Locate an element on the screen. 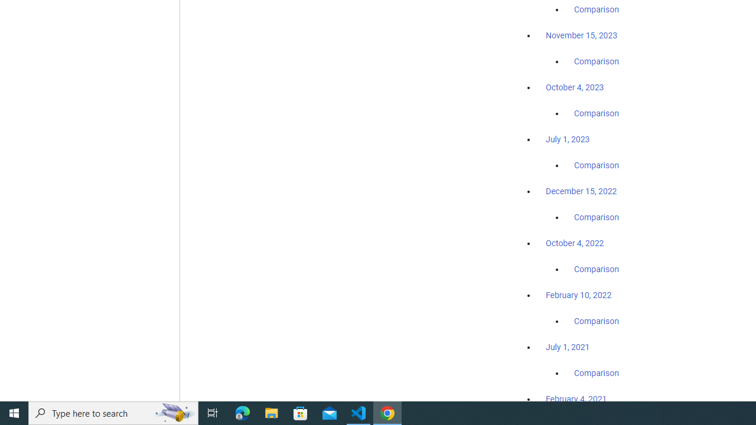  'July 1, 2021' is located at coordinates (568, 346).